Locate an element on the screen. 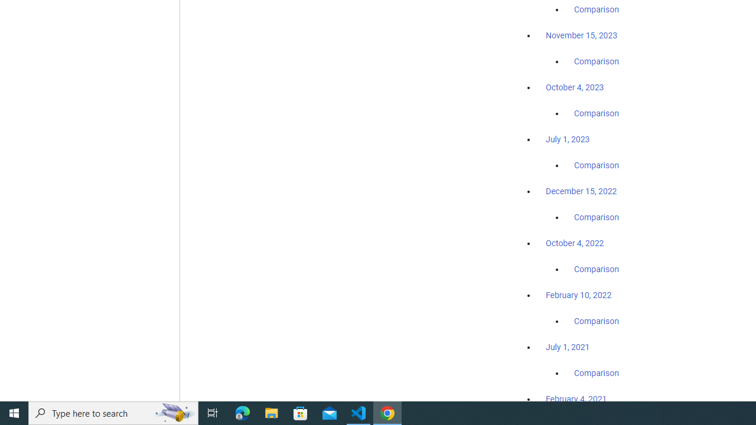  'July 1, 2021' is located at coordinates (568, 346).